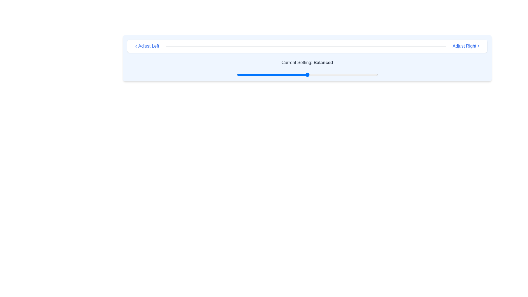  I want to click on the text label displaying 'Balanced', which is styled in bold and positioned to the right of 'Current Setting:', indicating the current setting in the interface, so click(323, 62).